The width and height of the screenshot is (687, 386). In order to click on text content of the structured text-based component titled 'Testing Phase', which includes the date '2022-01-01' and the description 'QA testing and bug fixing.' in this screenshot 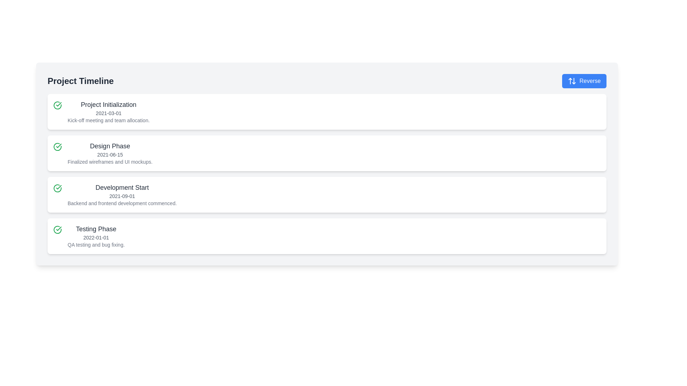, I will do `click(96, 236)`.